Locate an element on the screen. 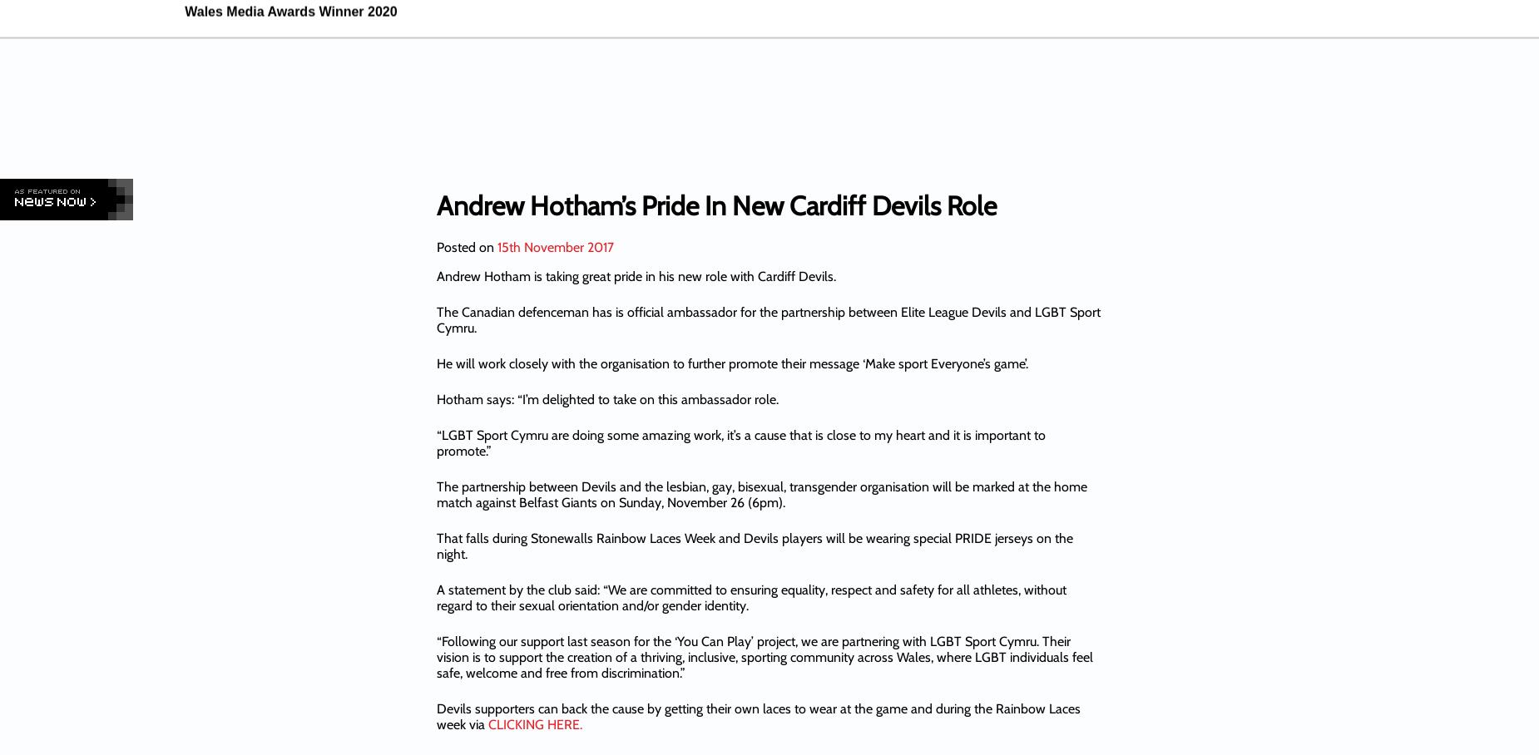 The image size is (1539, 755). '“LGBT Sport Cymru are doing some amazing work, it’s a cause that is close to my heart and it is important to promote.”' is located at coordinates (740, 442).